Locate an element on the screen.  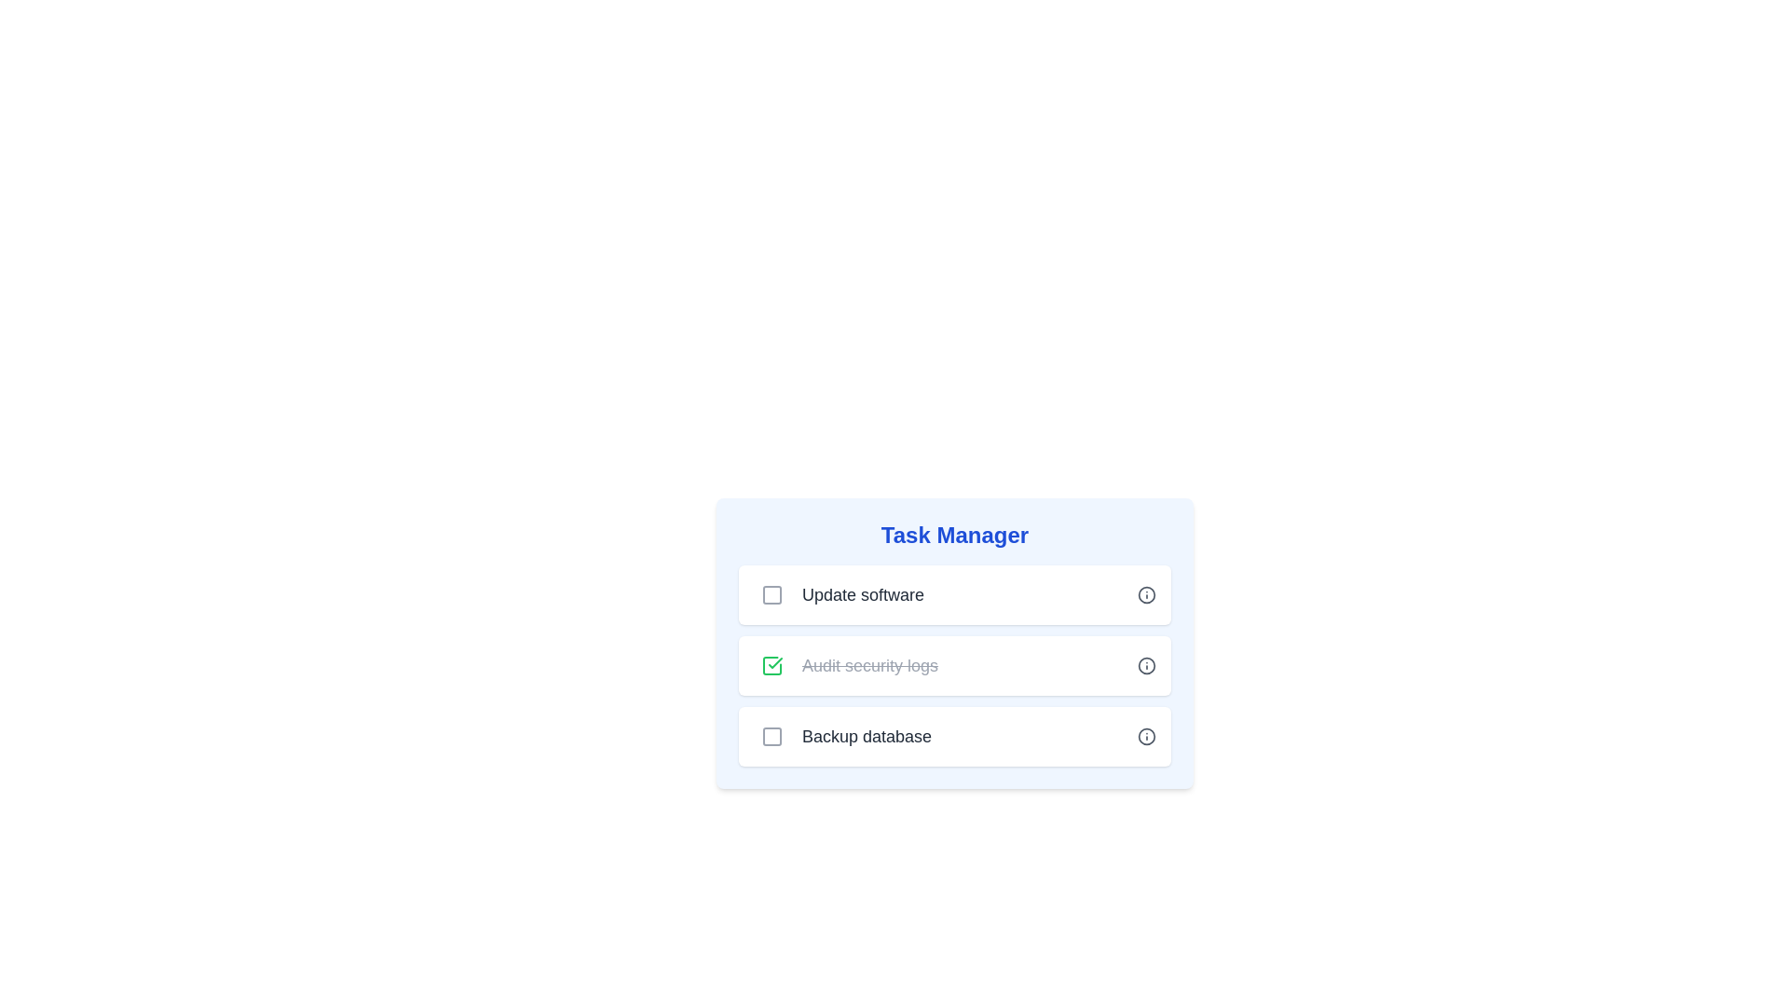
the Icon button located is located at coordinates (1145, 595).